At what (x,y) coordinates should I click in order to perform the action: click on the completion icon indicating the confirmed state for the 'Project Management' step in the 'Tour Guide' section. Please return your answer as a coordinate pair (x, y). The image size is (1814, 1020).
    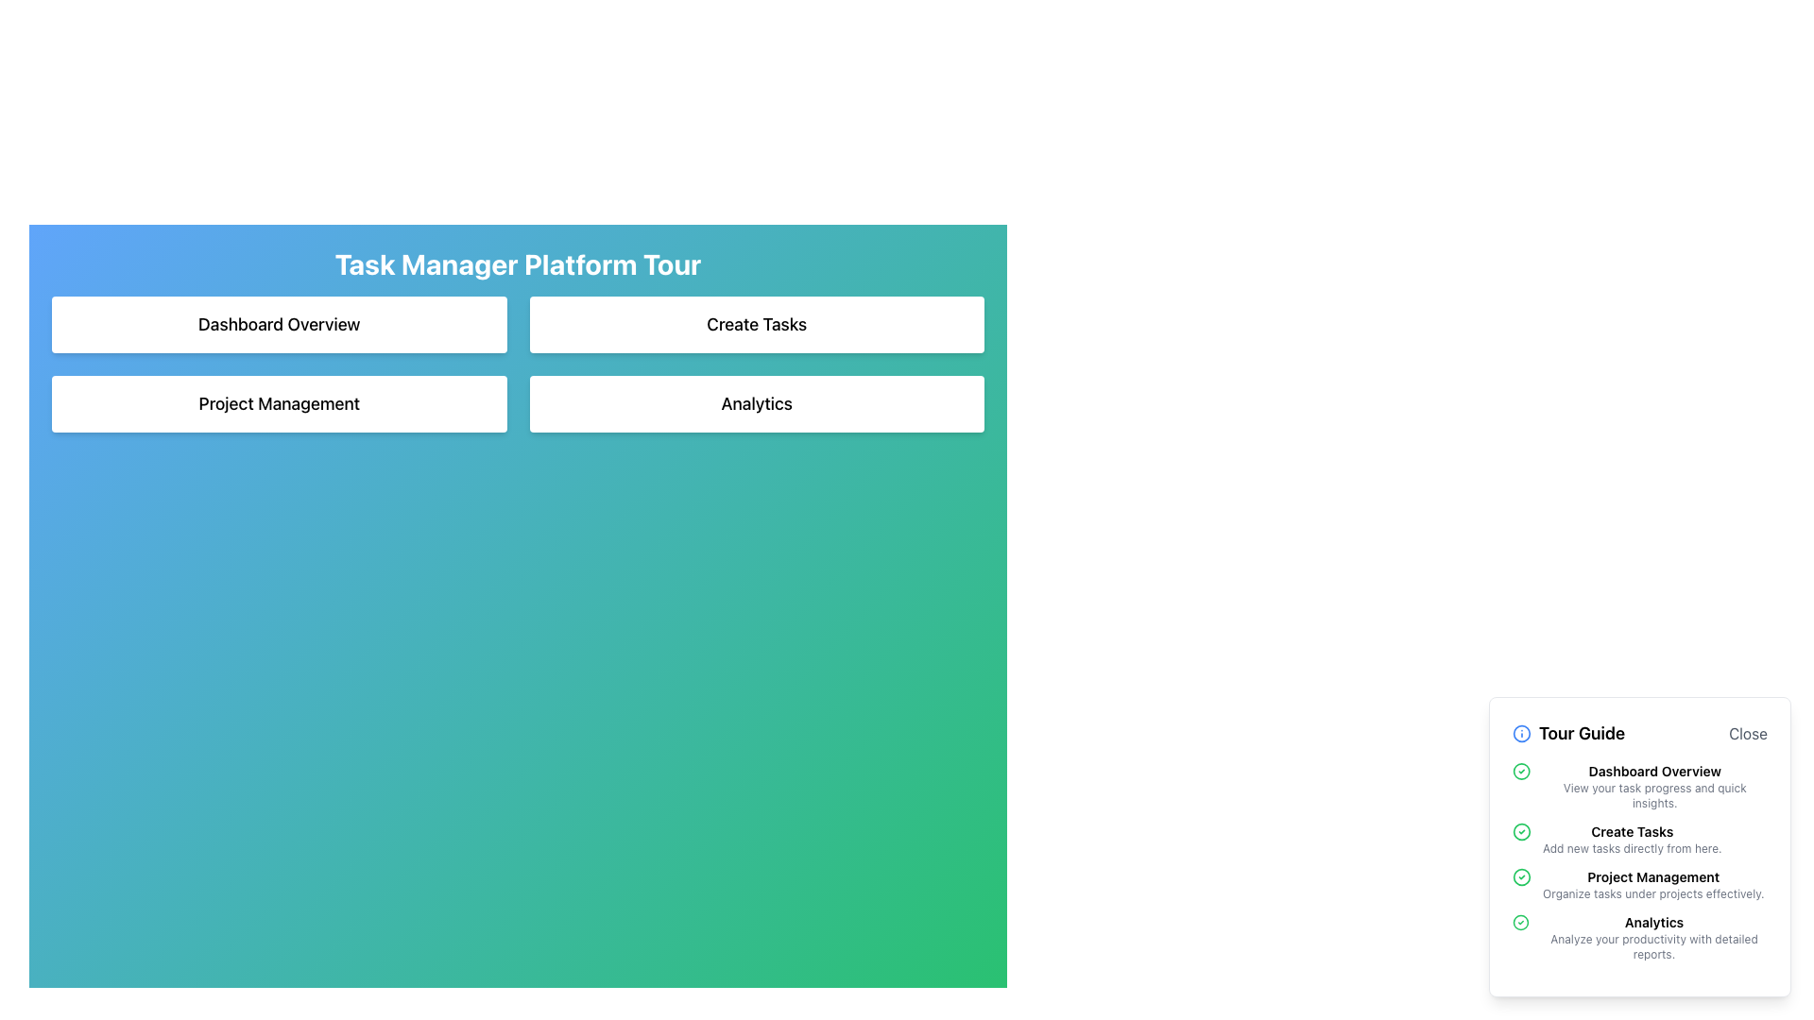
    Looking at the image, I should click on (1522, 877).